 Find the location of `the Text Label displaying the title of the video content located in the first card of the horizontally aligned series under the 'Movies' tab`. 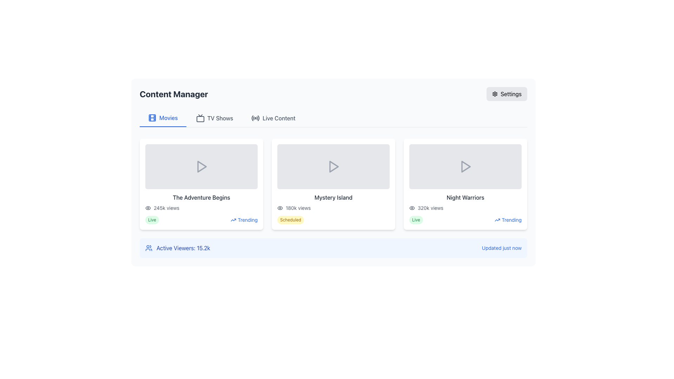

the Text Label displaying the title of the video content located in the first card of the horizontally aligned series under the 'Movies' tab is located at coordinates (201, 198).